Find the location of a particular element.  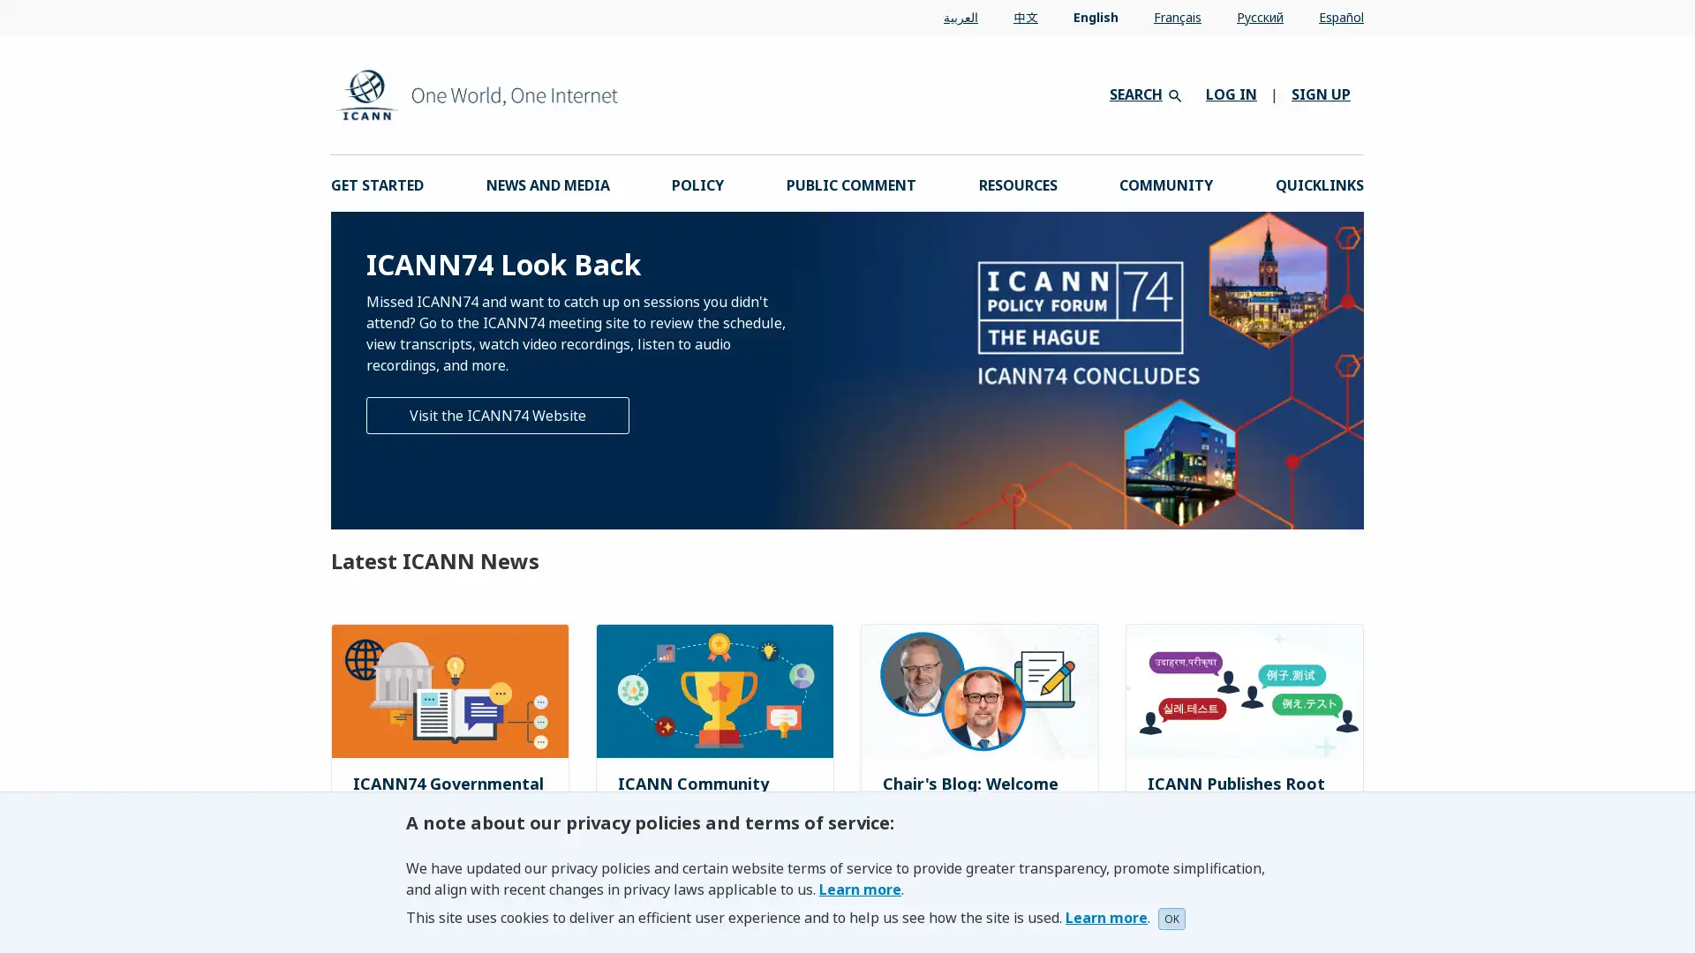

SIGN UP is located at coordinates (1321, 94).